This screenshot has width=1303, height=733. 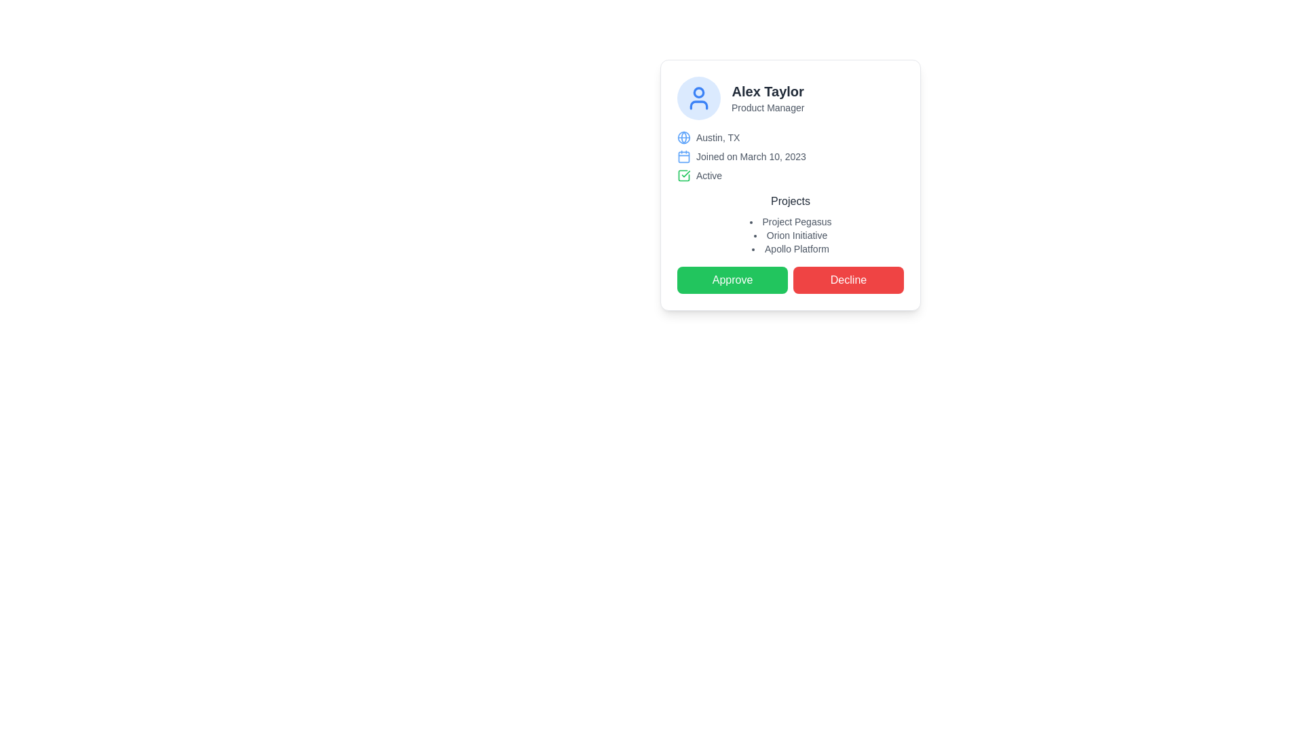 What do you see at coordinates (791, 235) in the screenshot?
I see `information from the second bullet list item labeled 'Orion Initiative' within the projects section of the card interface` at bounding box center [791, 235].